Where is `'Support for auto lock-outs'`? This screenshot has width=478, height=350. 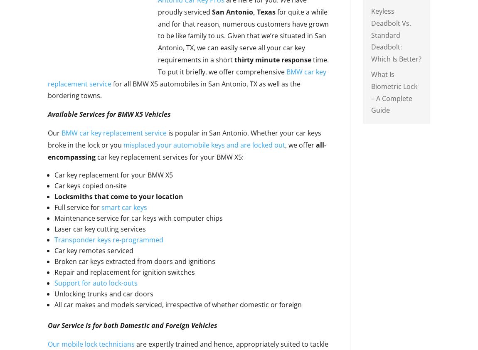
'Support for auto lock-outs' is located at coordinates (96, 283).